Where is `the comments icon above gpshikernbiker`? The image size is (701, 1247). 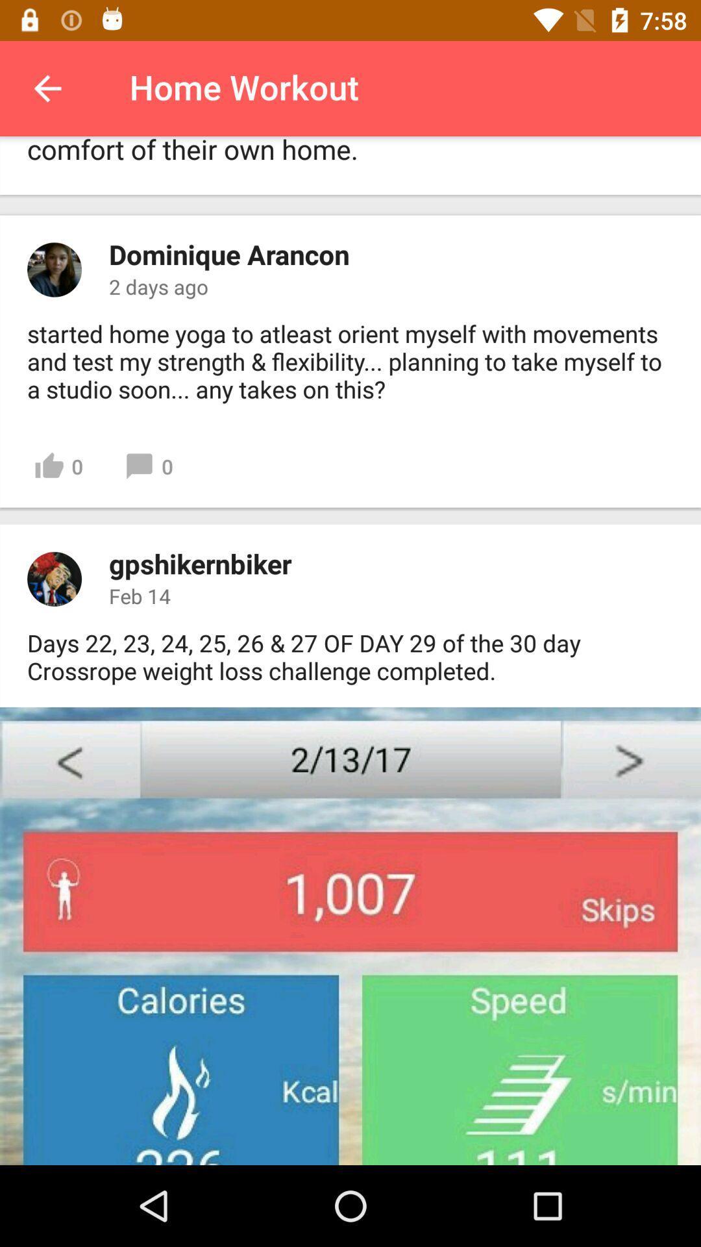
the comments icon above gpshikernbiker is located at coordinates (148, 467).